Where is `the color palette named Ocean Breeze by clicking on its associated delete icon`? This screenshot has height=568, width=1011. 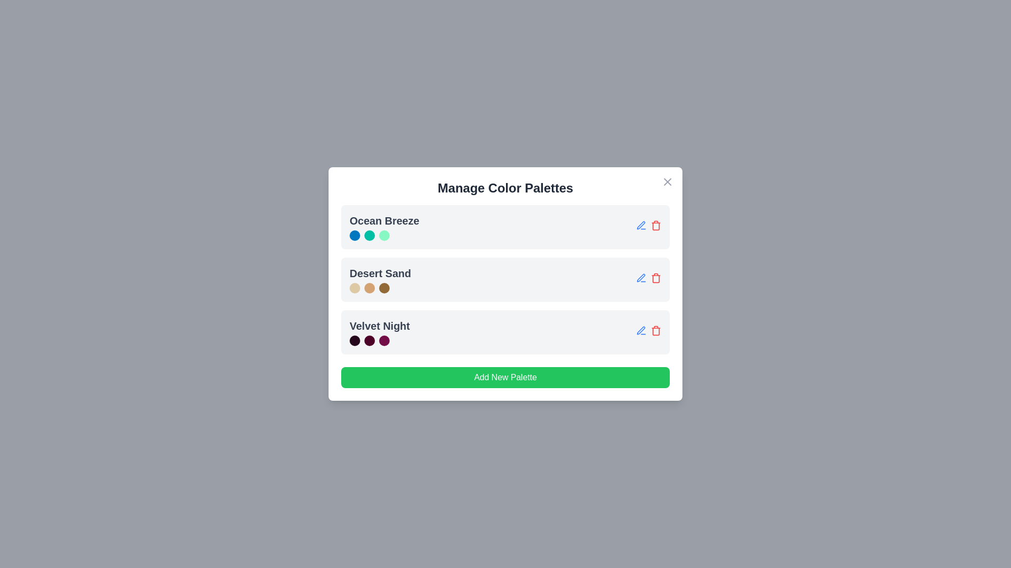 the color palette named Ocean Breeze by clicking on its associated delete icon is located at coordinates (656, 225).